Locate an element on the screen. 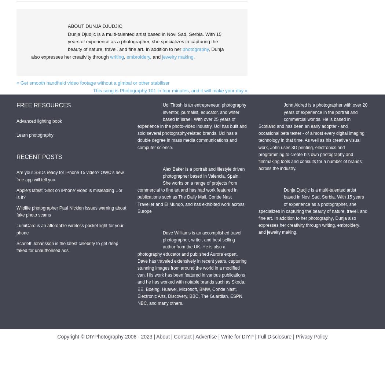 This screenshot has width=385, height=381. 'writing' is located at coordinates (328, 225).